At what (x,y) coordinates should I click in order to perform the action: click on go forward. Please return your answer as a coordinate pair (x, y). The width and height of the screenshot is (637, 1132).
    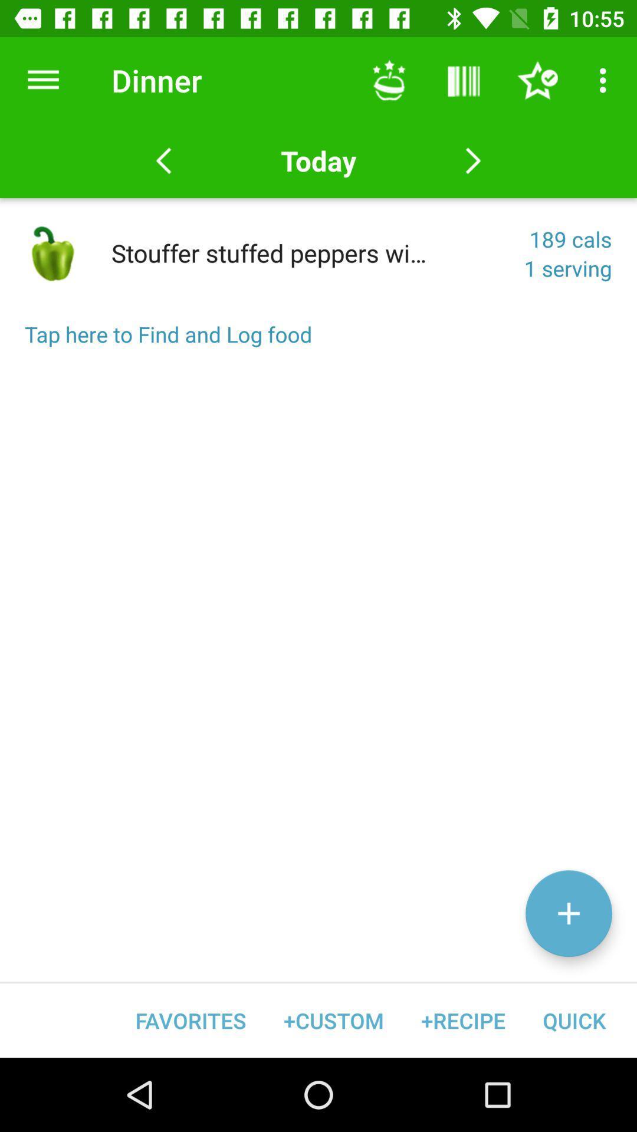
    Looking at the image, I should click on (472, 160).